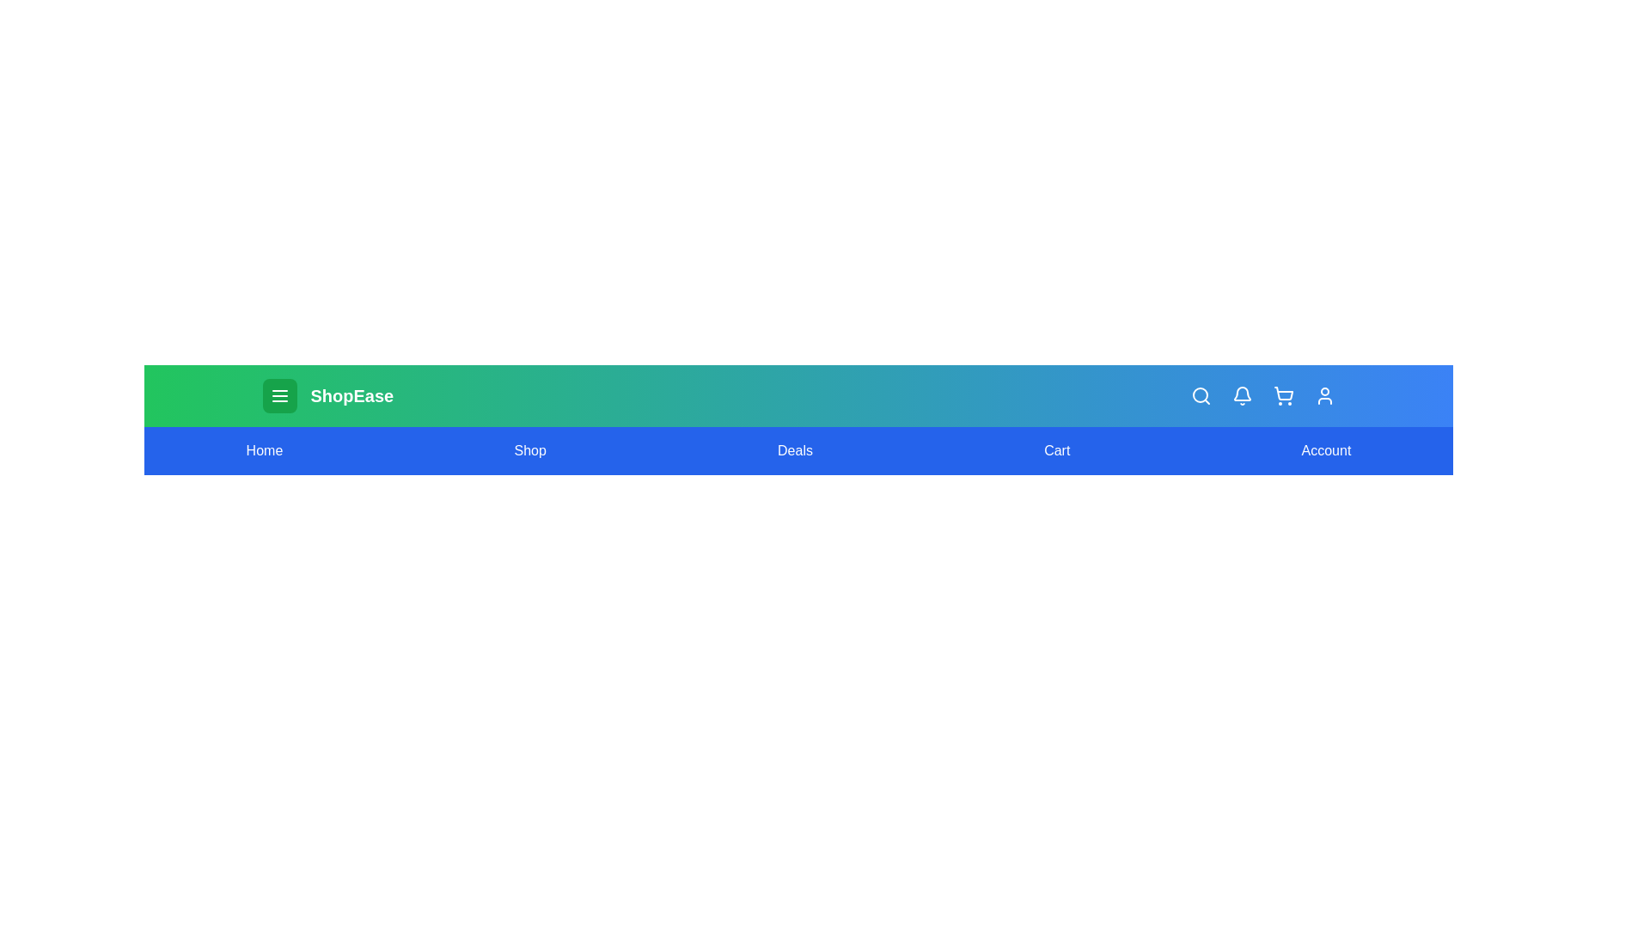 Image resolution: width=1650 pixels, height=928 pixels. Describe the element at coordinates (529, 449) in the screenshot. I see `the Shop navigation link to navigate to the corresponding section` at that location.